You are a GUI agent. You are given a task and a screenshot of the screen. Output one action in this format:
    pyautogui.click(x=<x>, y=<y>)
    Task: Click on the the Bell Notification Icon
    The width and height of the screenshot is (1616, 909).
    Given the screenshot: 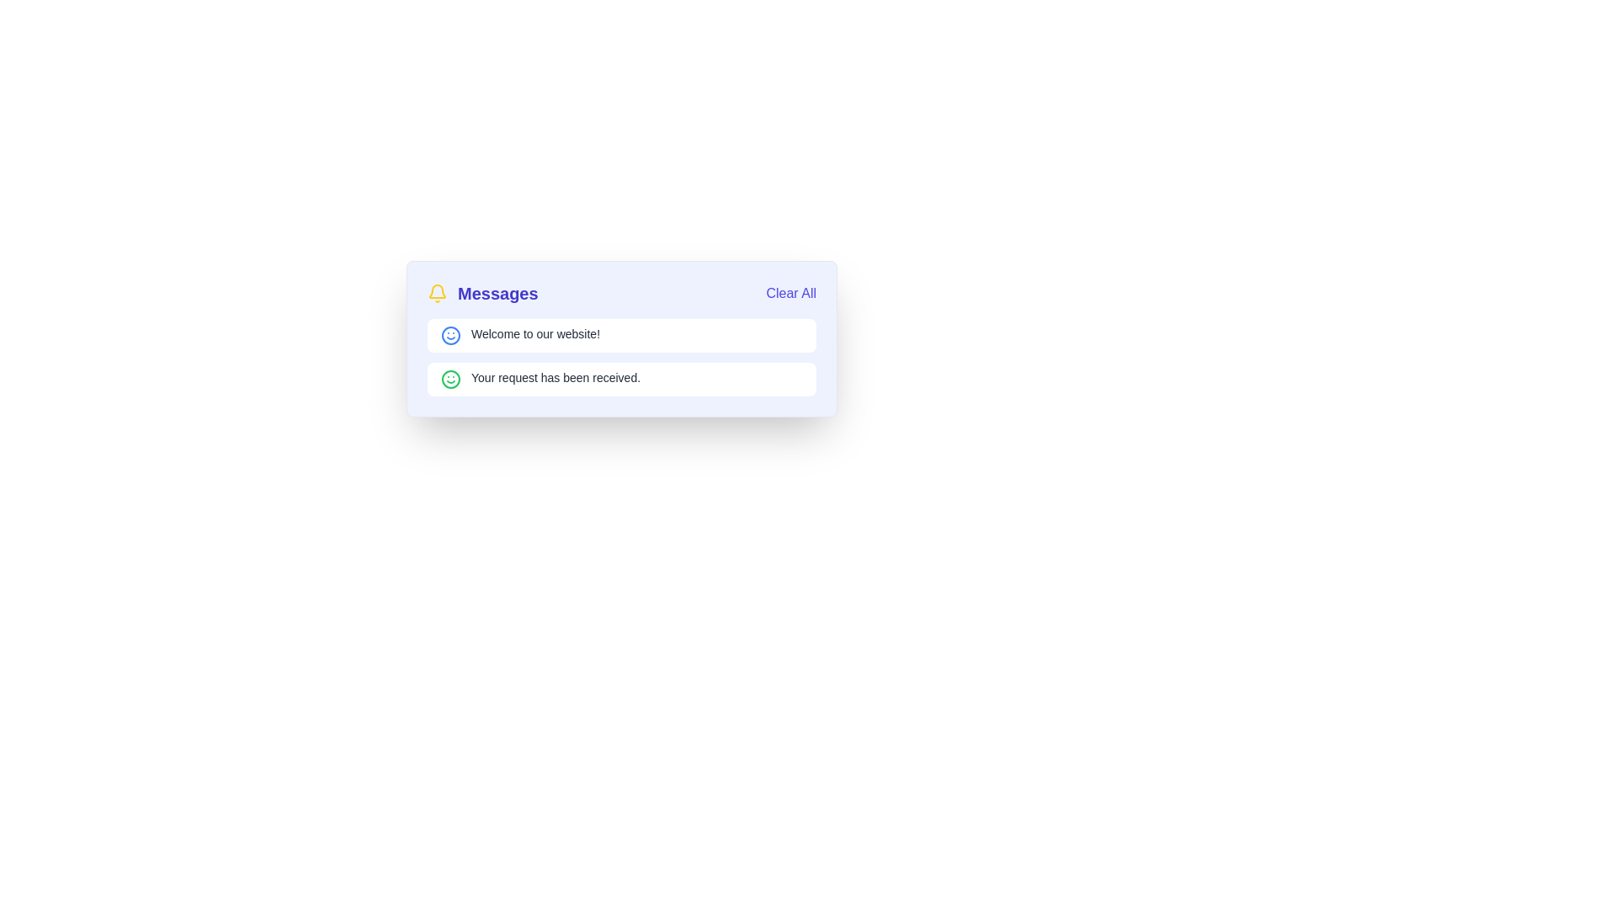 What is the action you would take?
    pyautogui.click(x=437, y=292)
    